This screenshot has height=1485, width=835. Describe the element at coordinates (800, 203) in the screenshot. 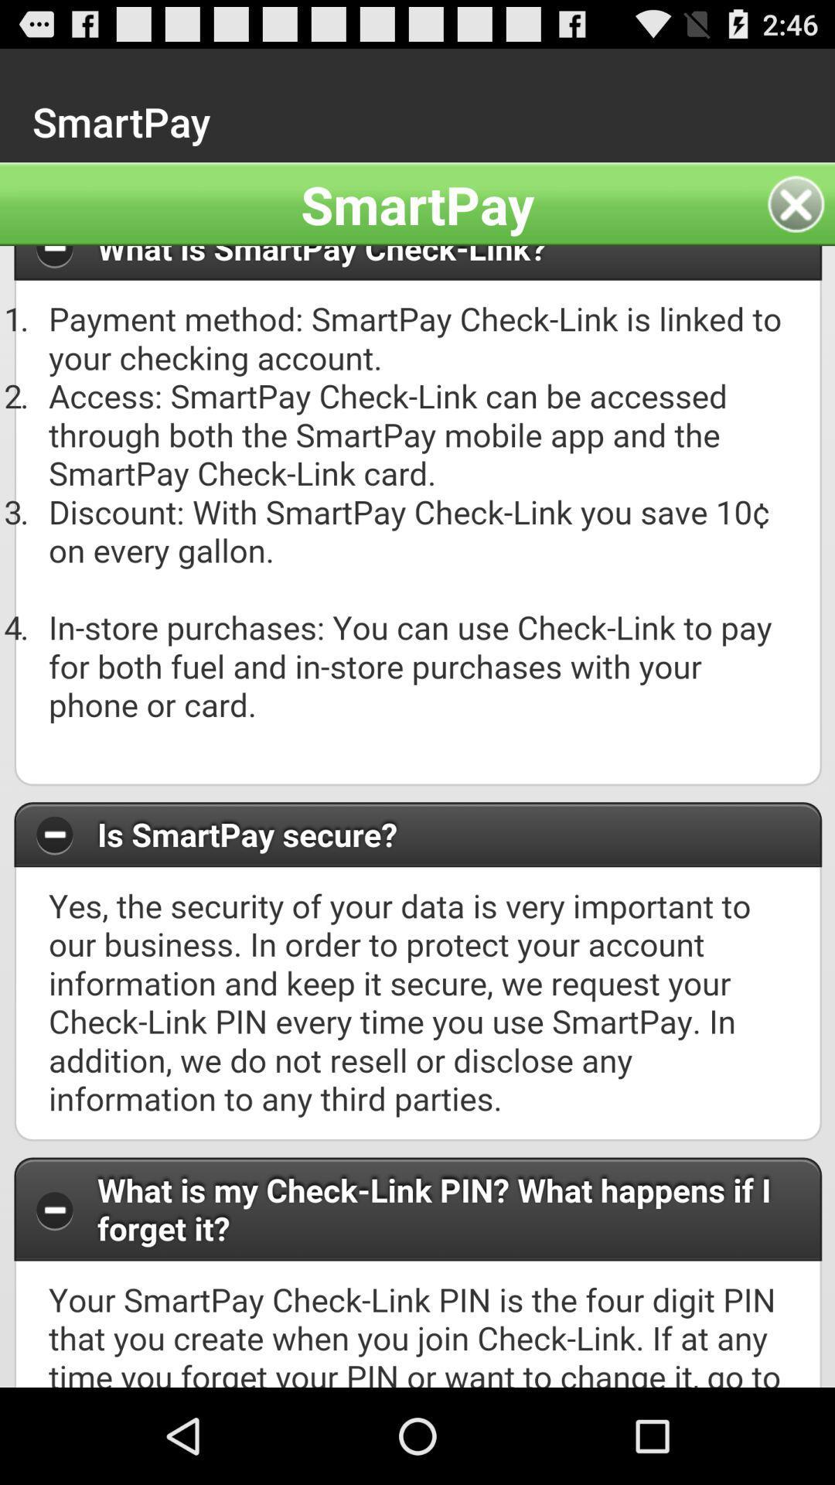

I see `x` at that location.